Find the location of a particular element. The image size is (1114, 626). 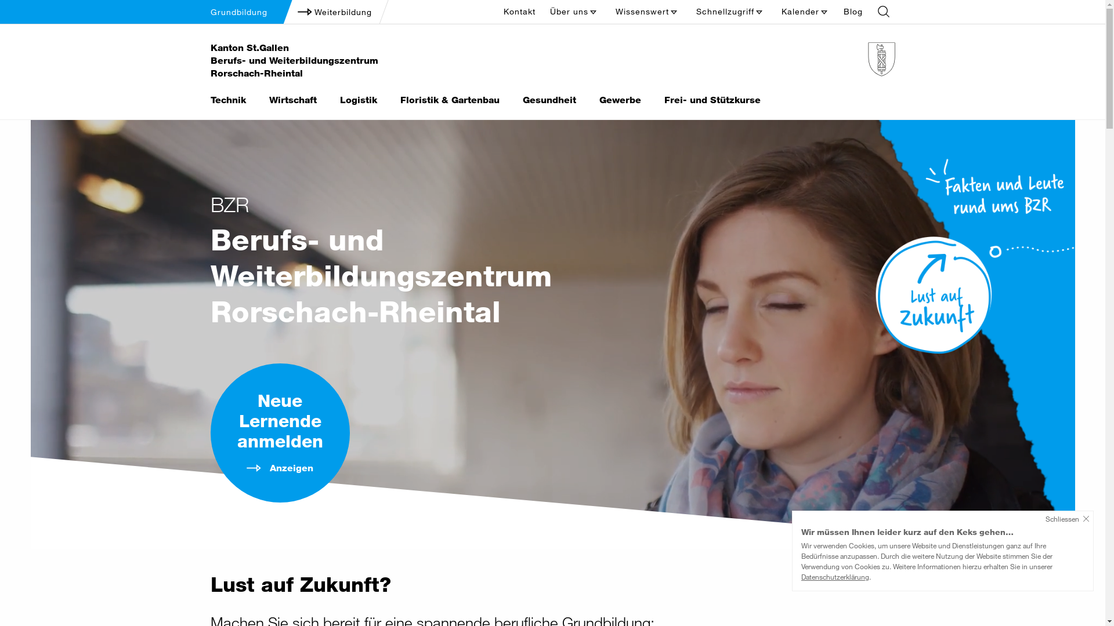

'Neue is located at coordinates (279, 433).